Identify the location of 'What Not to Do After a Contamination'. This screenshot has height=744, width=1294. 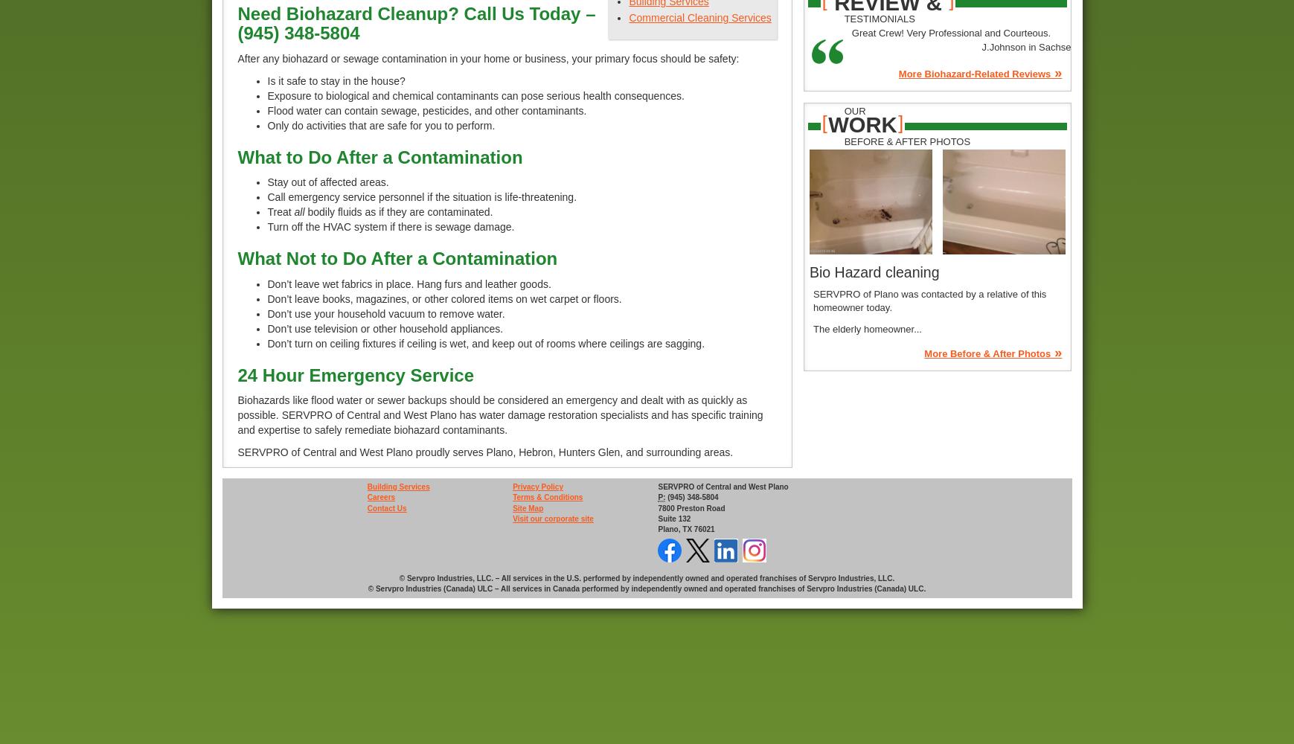
(237, 257).